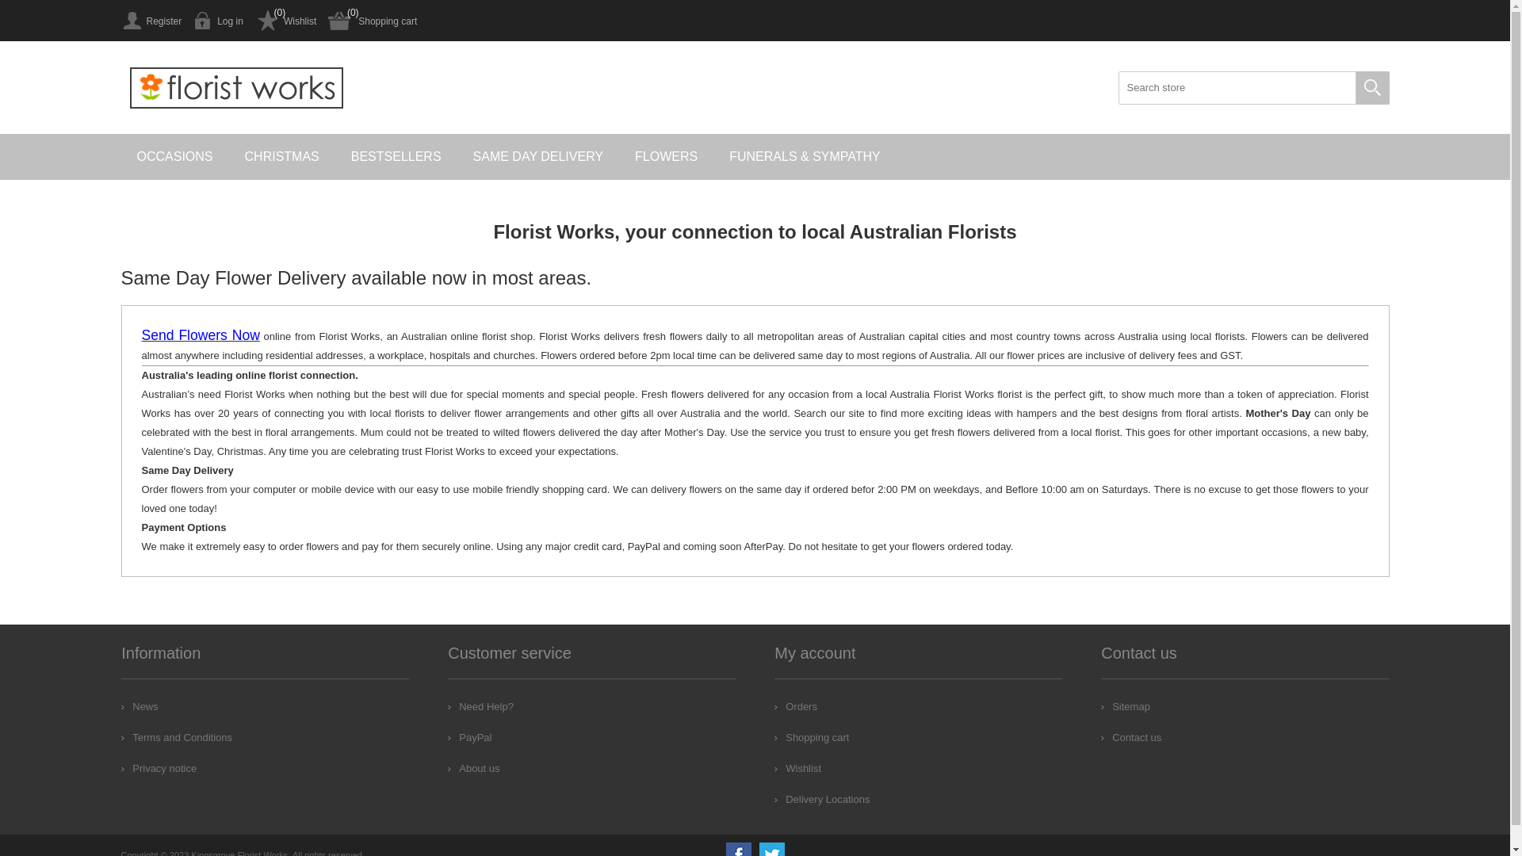  Describe the element at coordinates (811, 737) in the screenshot. I see `'Shopping cart'` at that location.